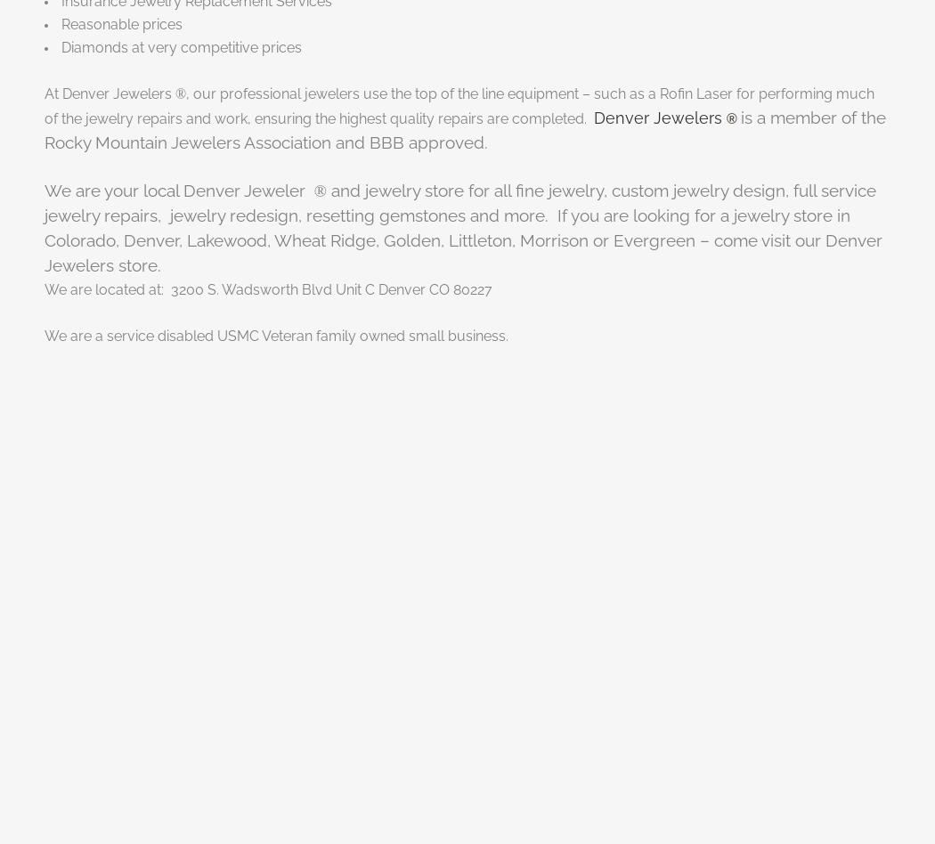  Describe the element at coordinates (121, 23) in the screenshot. I see `'Reasonable prices'` at that location.